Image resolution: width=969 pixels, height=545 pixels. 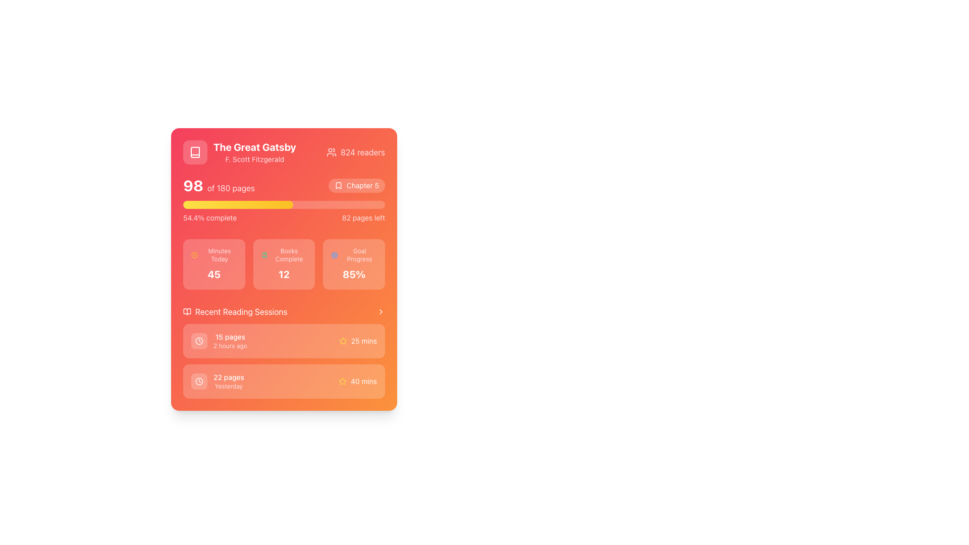 I want to click on the text block containing '22 pages' and 'Yesterday', which is located in the bottom portion of the card under the 'Recent Reading Sessions' heading, so click(x=228, y=381).